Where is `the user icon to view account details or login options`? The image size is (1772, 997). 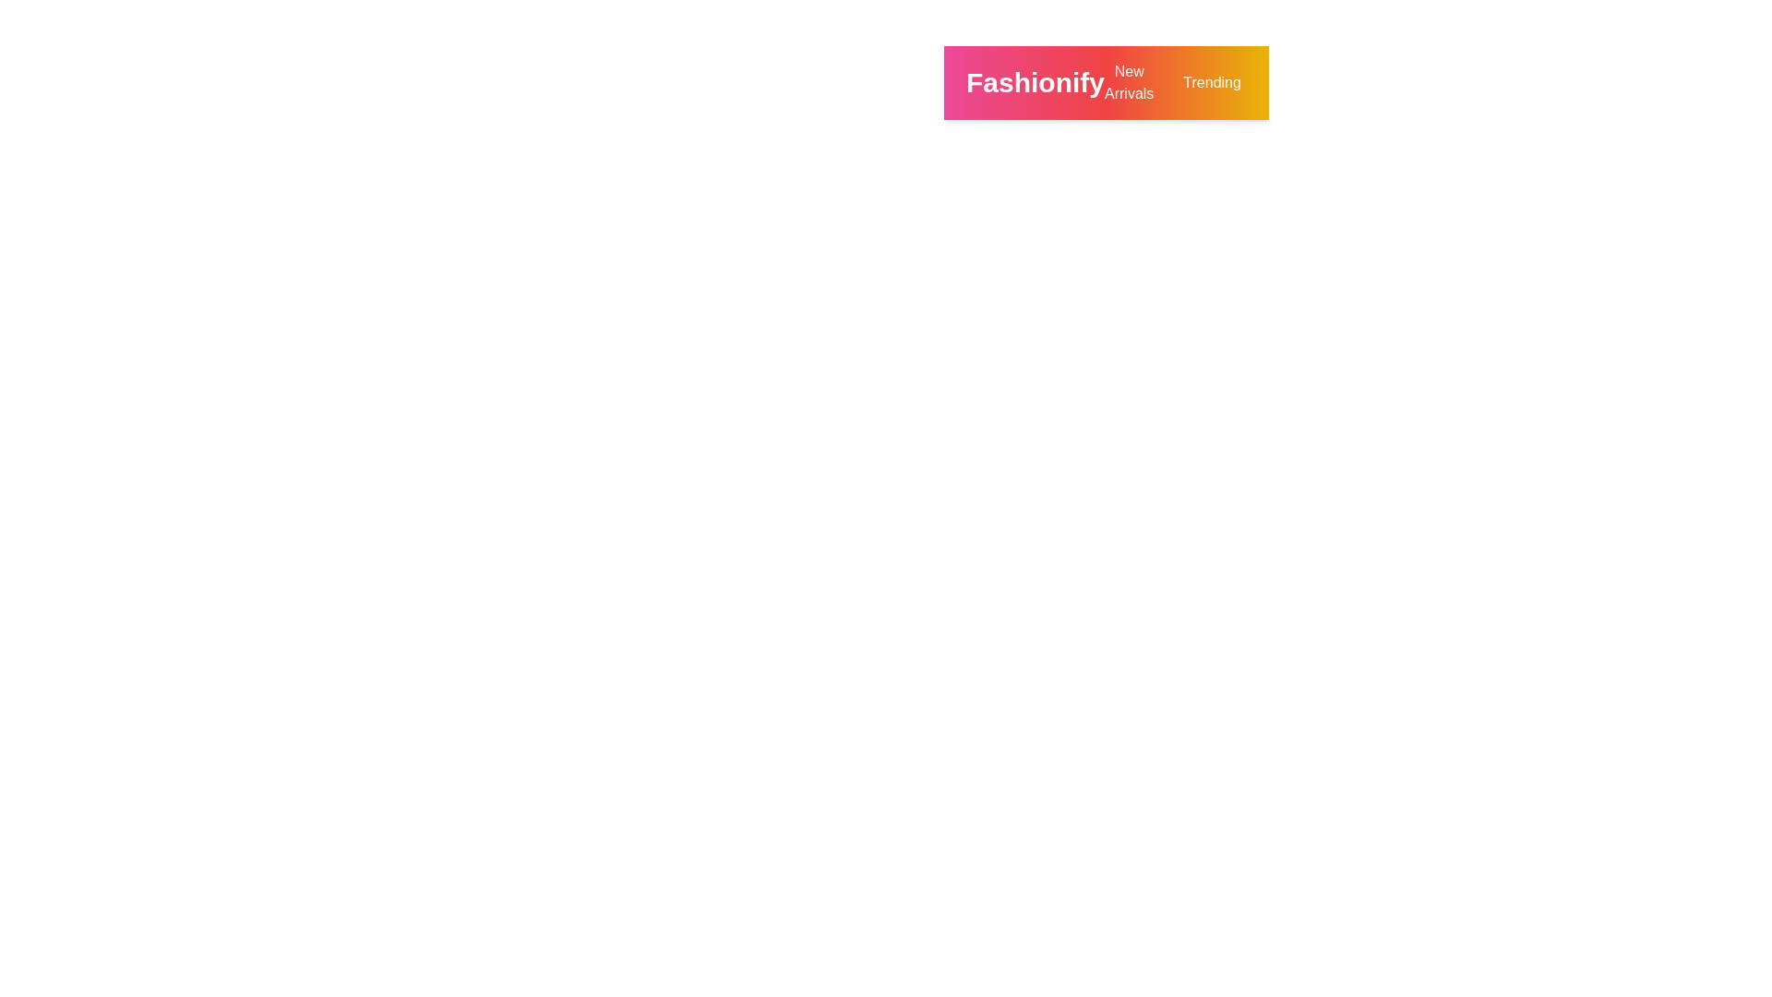
the user icon to view account details or login options is located at coordinates (1510, 81).